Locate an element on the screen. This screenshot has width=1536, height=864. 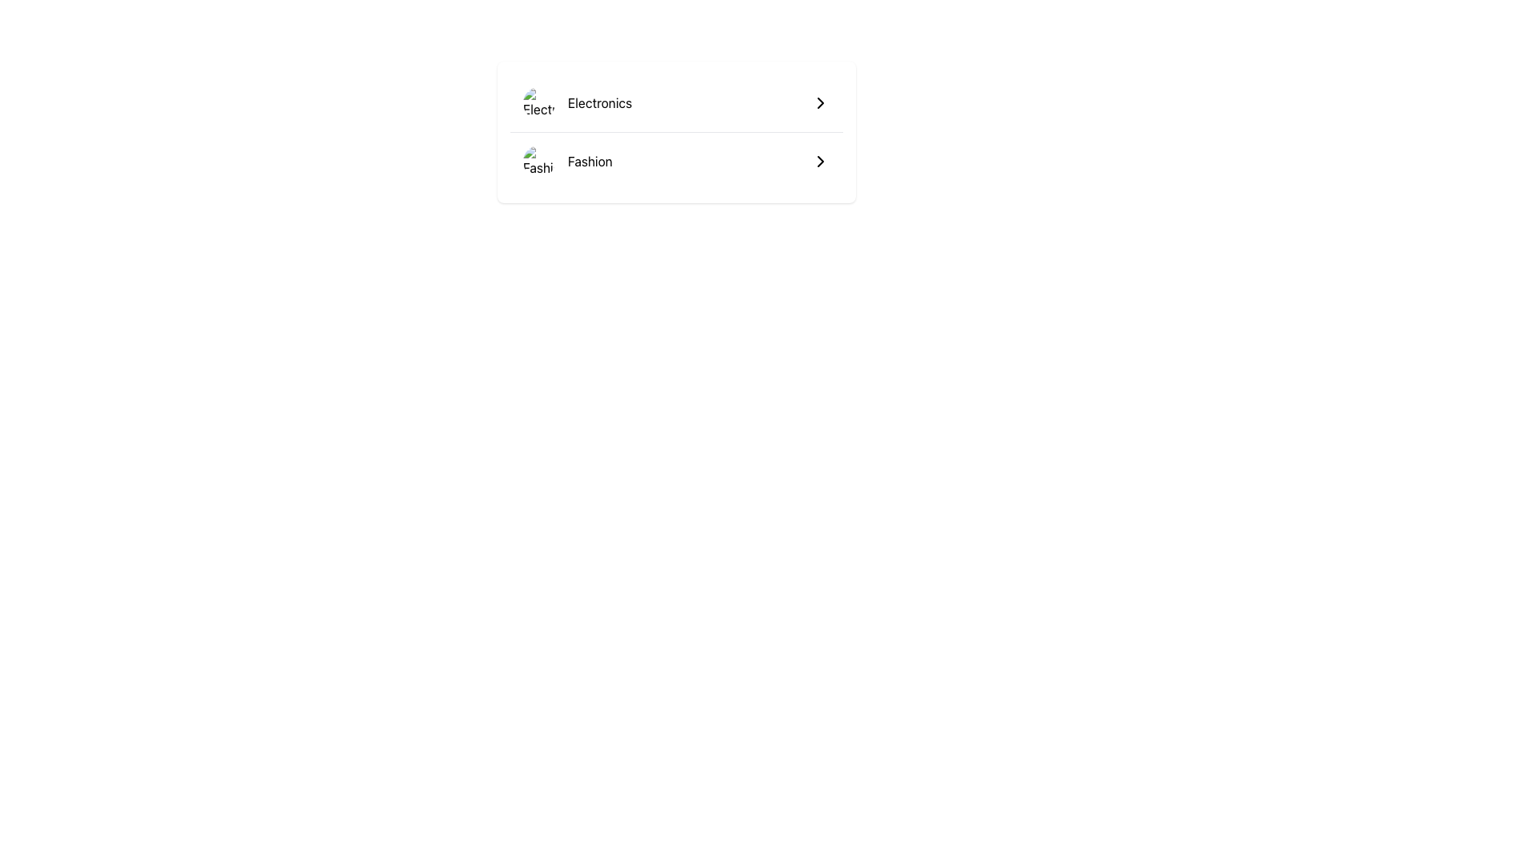
the navigation icon for 'Fashion' is located at coordinates (821, 102).